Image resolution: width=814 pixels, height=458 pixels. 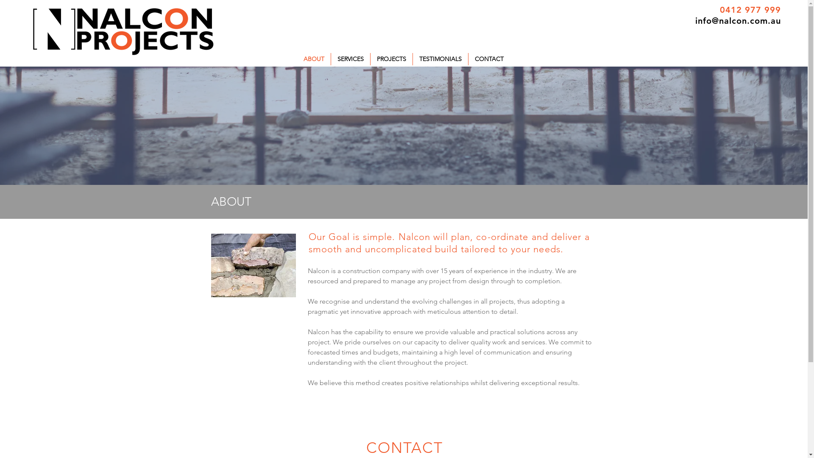 What do you see at coordinates (313, 59) in the screenshot?
I see `'ABOUT'` at bounding box center [313, 59].